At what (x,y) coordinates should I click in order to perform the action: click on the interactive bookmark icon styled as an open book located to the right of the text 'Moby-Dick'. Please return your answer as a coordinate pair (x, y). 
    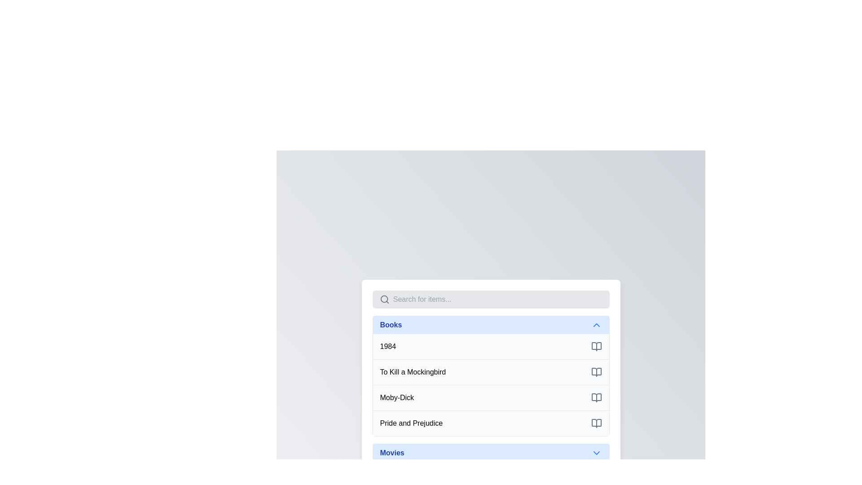
    Looking at the image, I should click on (596, 397).